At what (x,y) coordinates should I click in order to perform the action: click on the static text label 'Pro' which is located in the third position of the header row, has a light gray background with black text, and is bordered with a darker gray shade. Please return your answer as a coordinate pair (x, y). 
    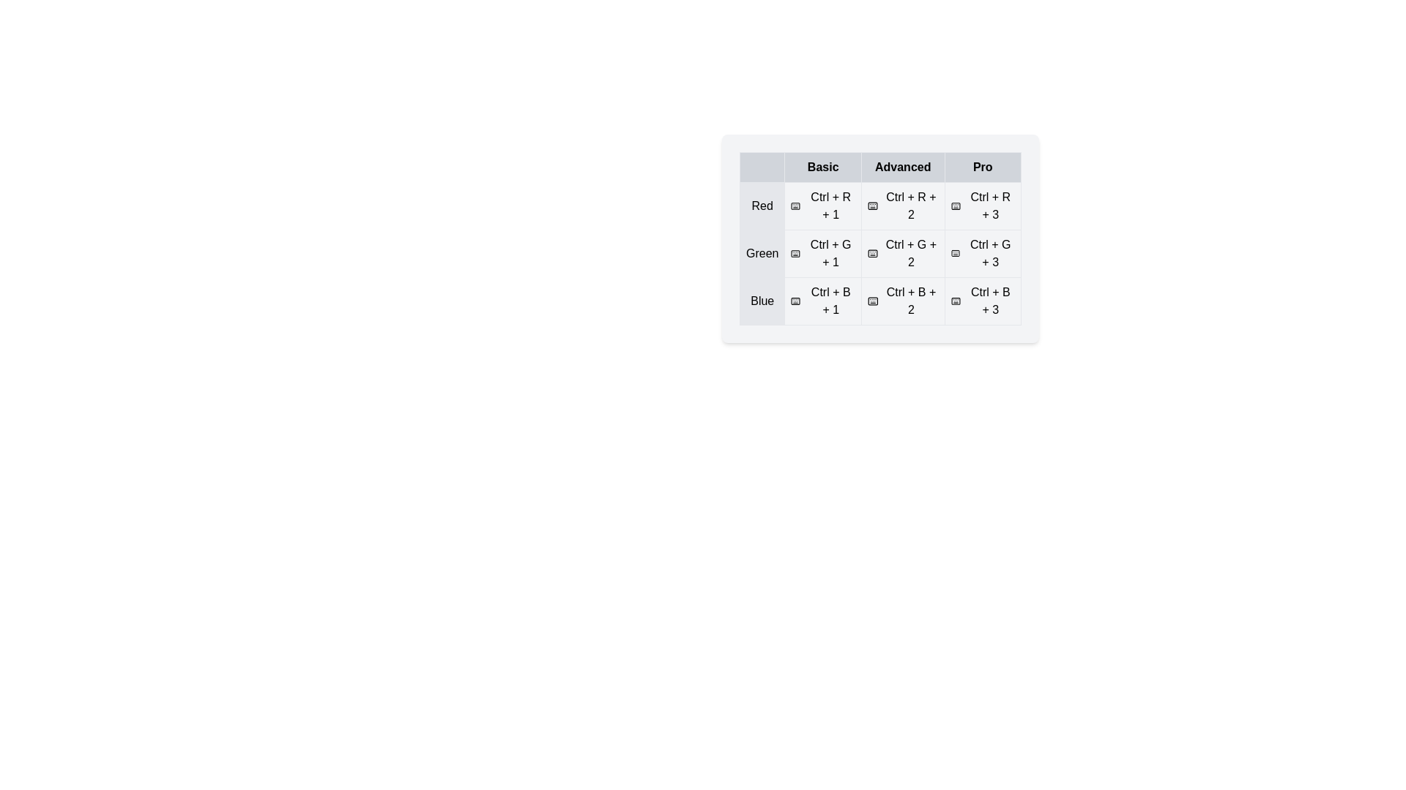
    Looking at the image, I should click on (983, 166).